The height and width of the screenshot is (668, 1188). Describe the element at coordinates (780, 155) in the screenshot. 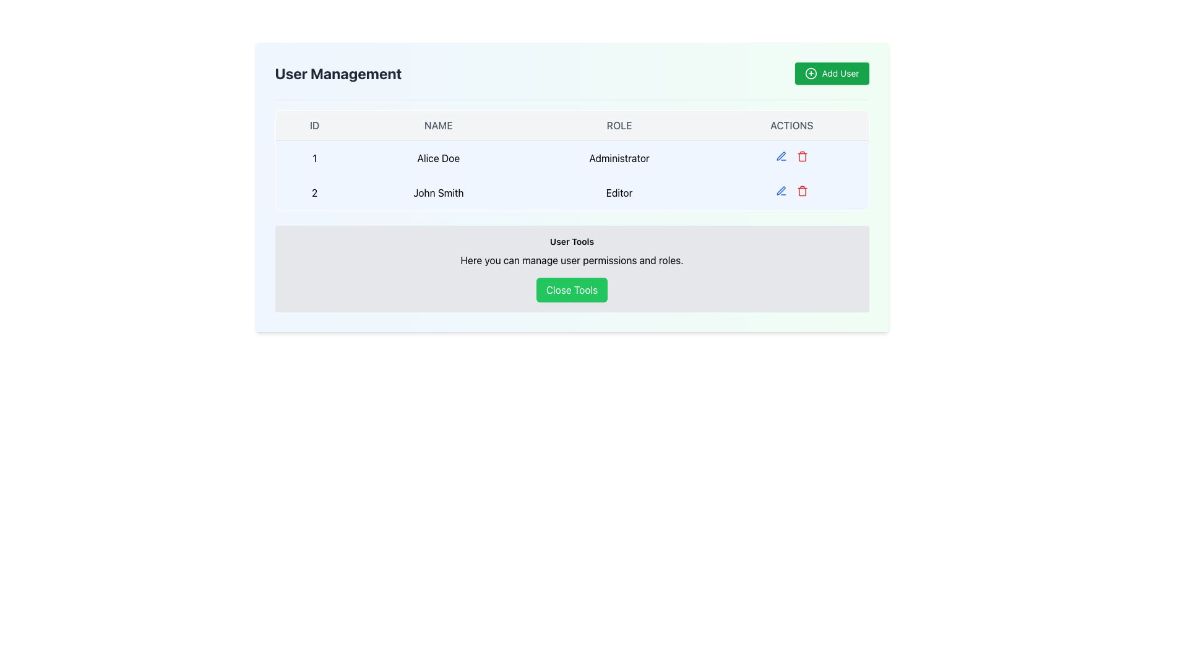

I see `the stylized pen icon button located` at that location.